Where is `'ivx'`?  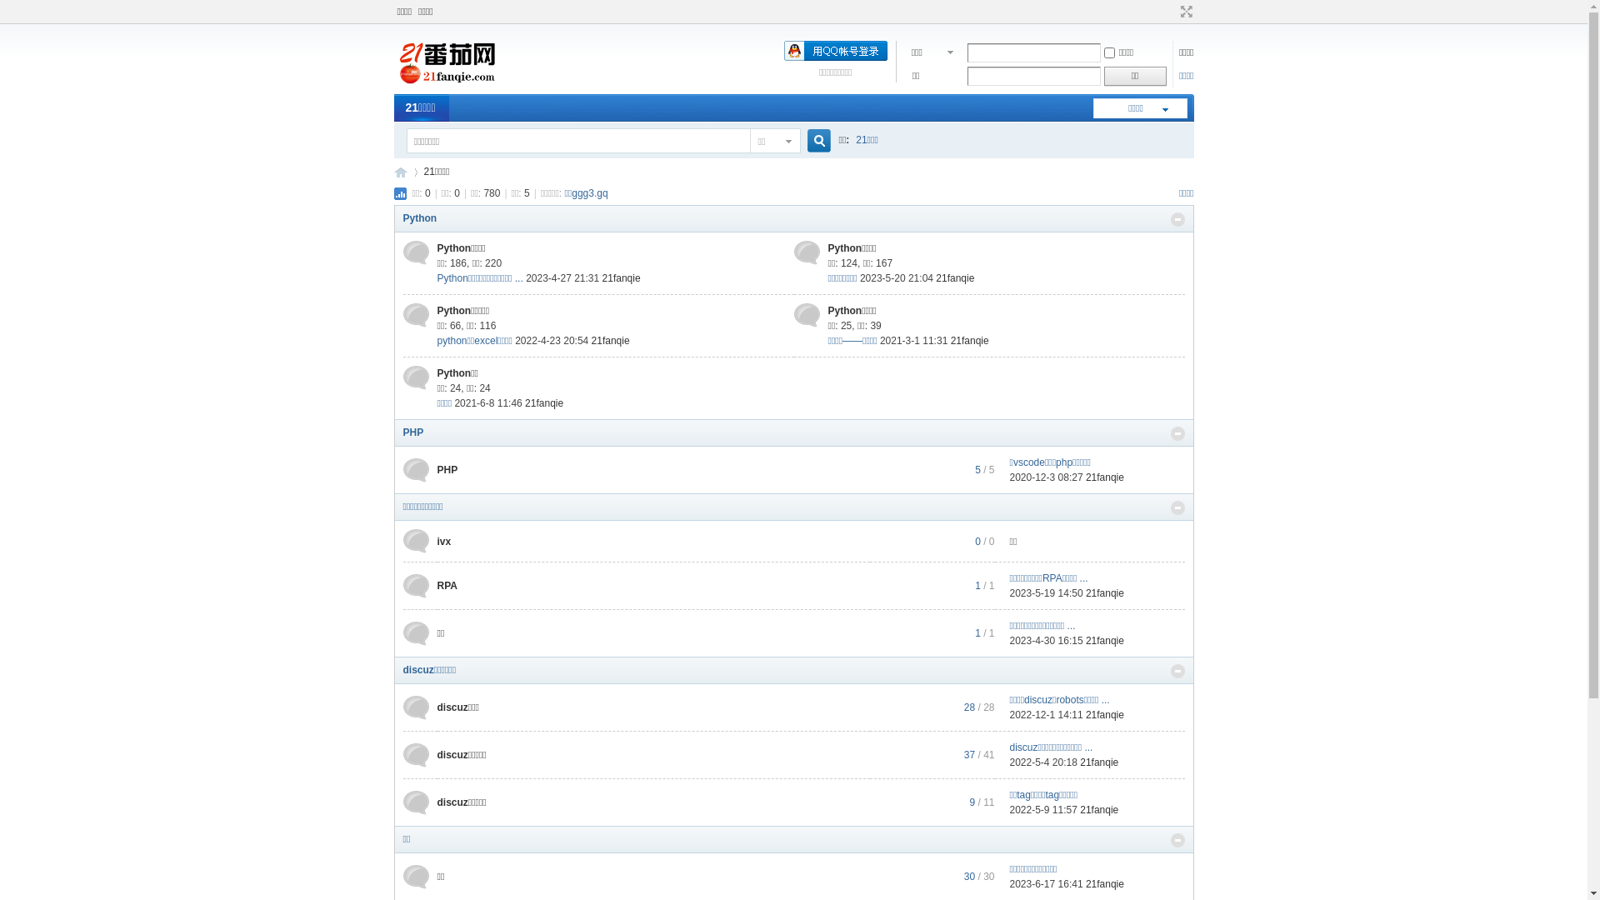
'ivx' is located at coordinates (436, 540).